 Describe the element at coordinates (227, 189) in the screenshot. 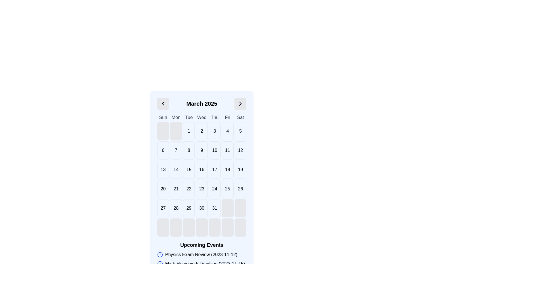

I see `the date selector button representing the date '25' in the calendar layout` at that location.